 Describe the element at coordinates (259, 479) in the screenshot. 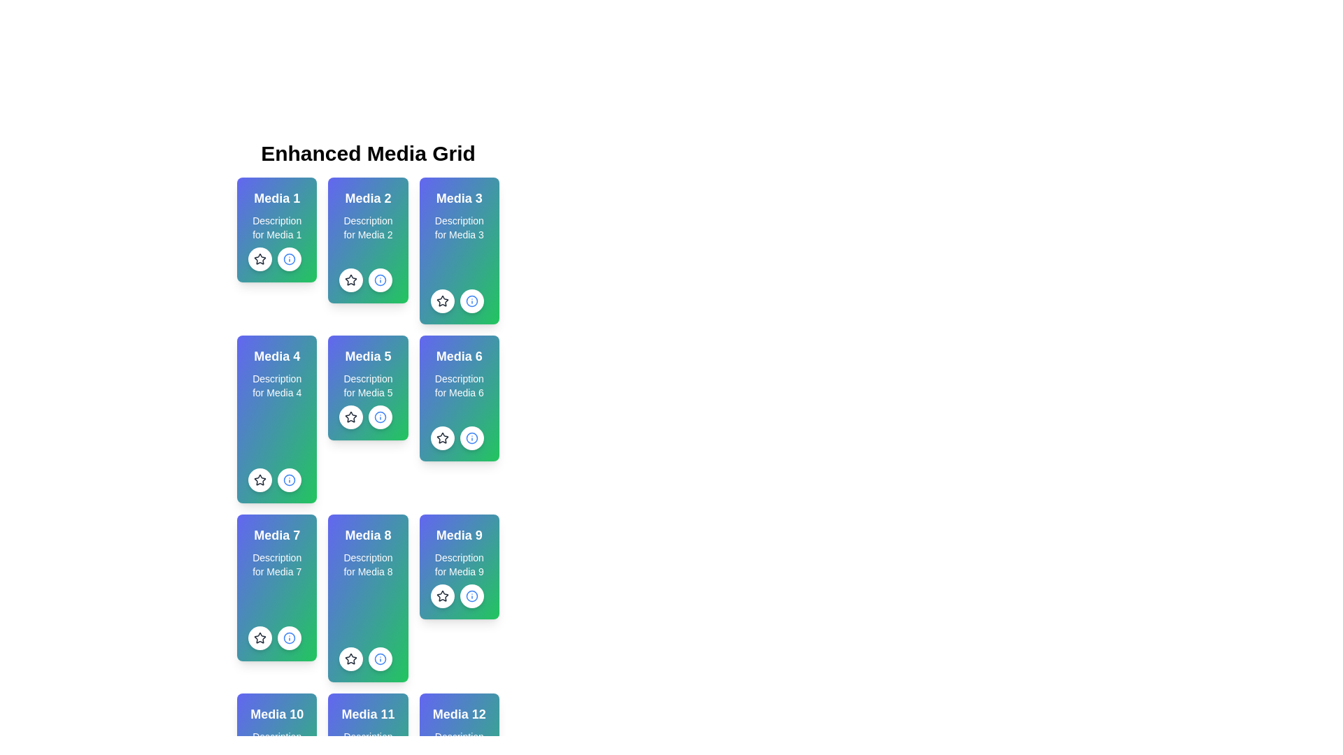

I see `the star-shaped icon with a hollow outline` at that location.